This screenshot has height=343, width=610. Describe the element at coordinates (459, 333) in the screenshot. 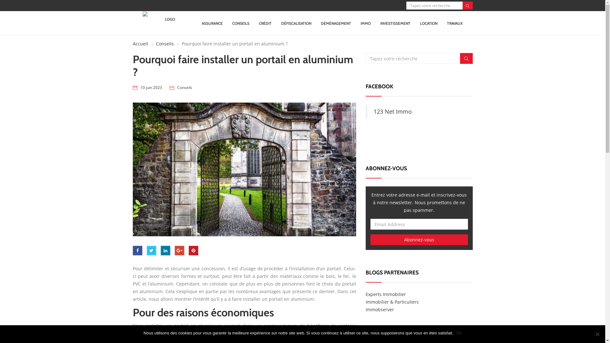

I see `'Ok'` at that location.